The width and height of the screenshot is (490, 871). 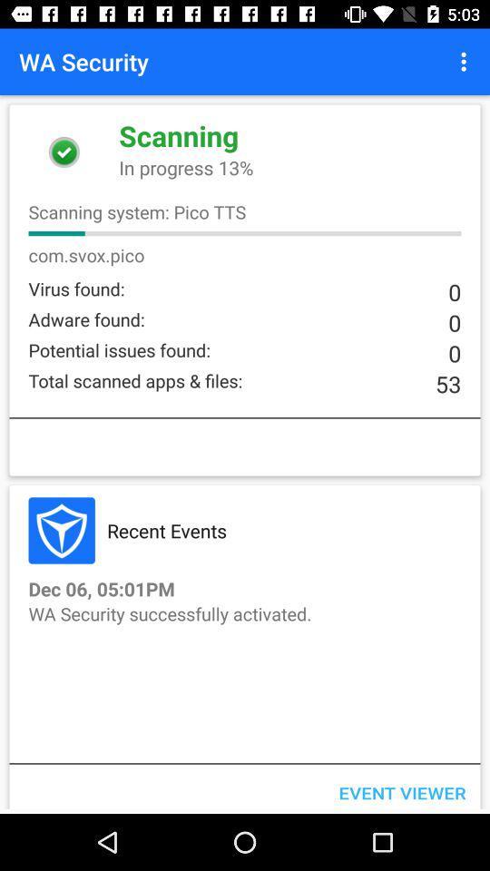 What do you see at coordinates (402, 788) in the screenshot?
I see `event viewer icon` at bounding box center [402, 788].